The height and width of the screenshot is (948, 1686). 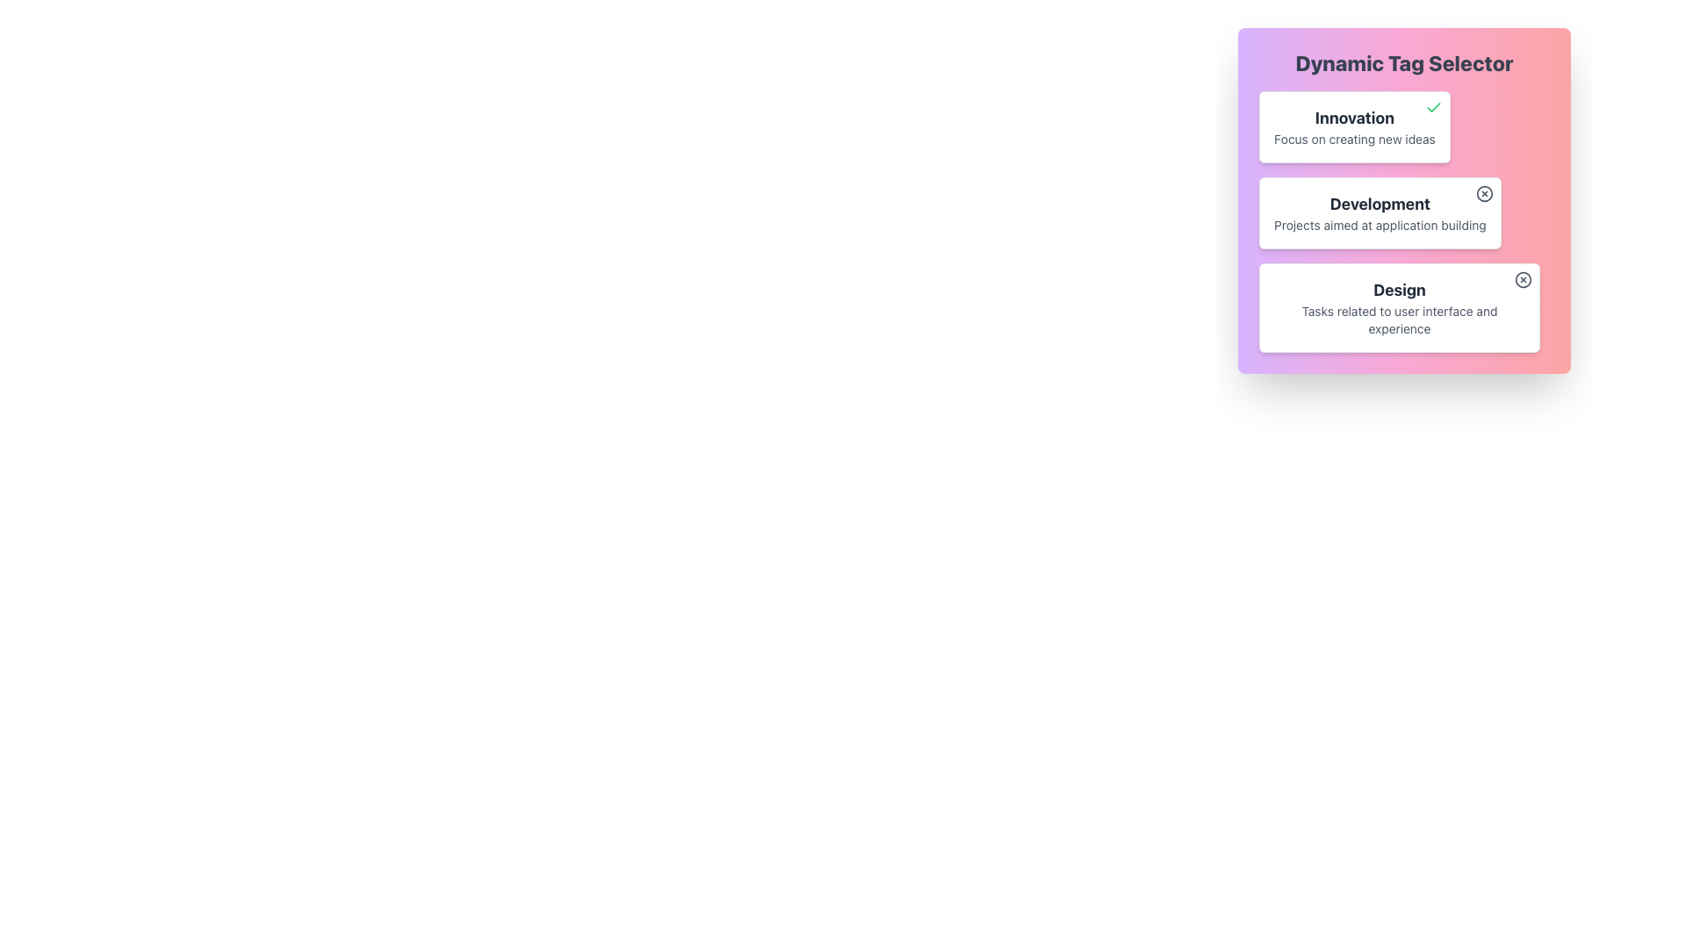 I want to click on the circular delete icon located at the center of the right-most icon in the 'Design' tag within the 'Dynamic Tag Selector' to initiate the deletion action, so click(x=1522, y=279).